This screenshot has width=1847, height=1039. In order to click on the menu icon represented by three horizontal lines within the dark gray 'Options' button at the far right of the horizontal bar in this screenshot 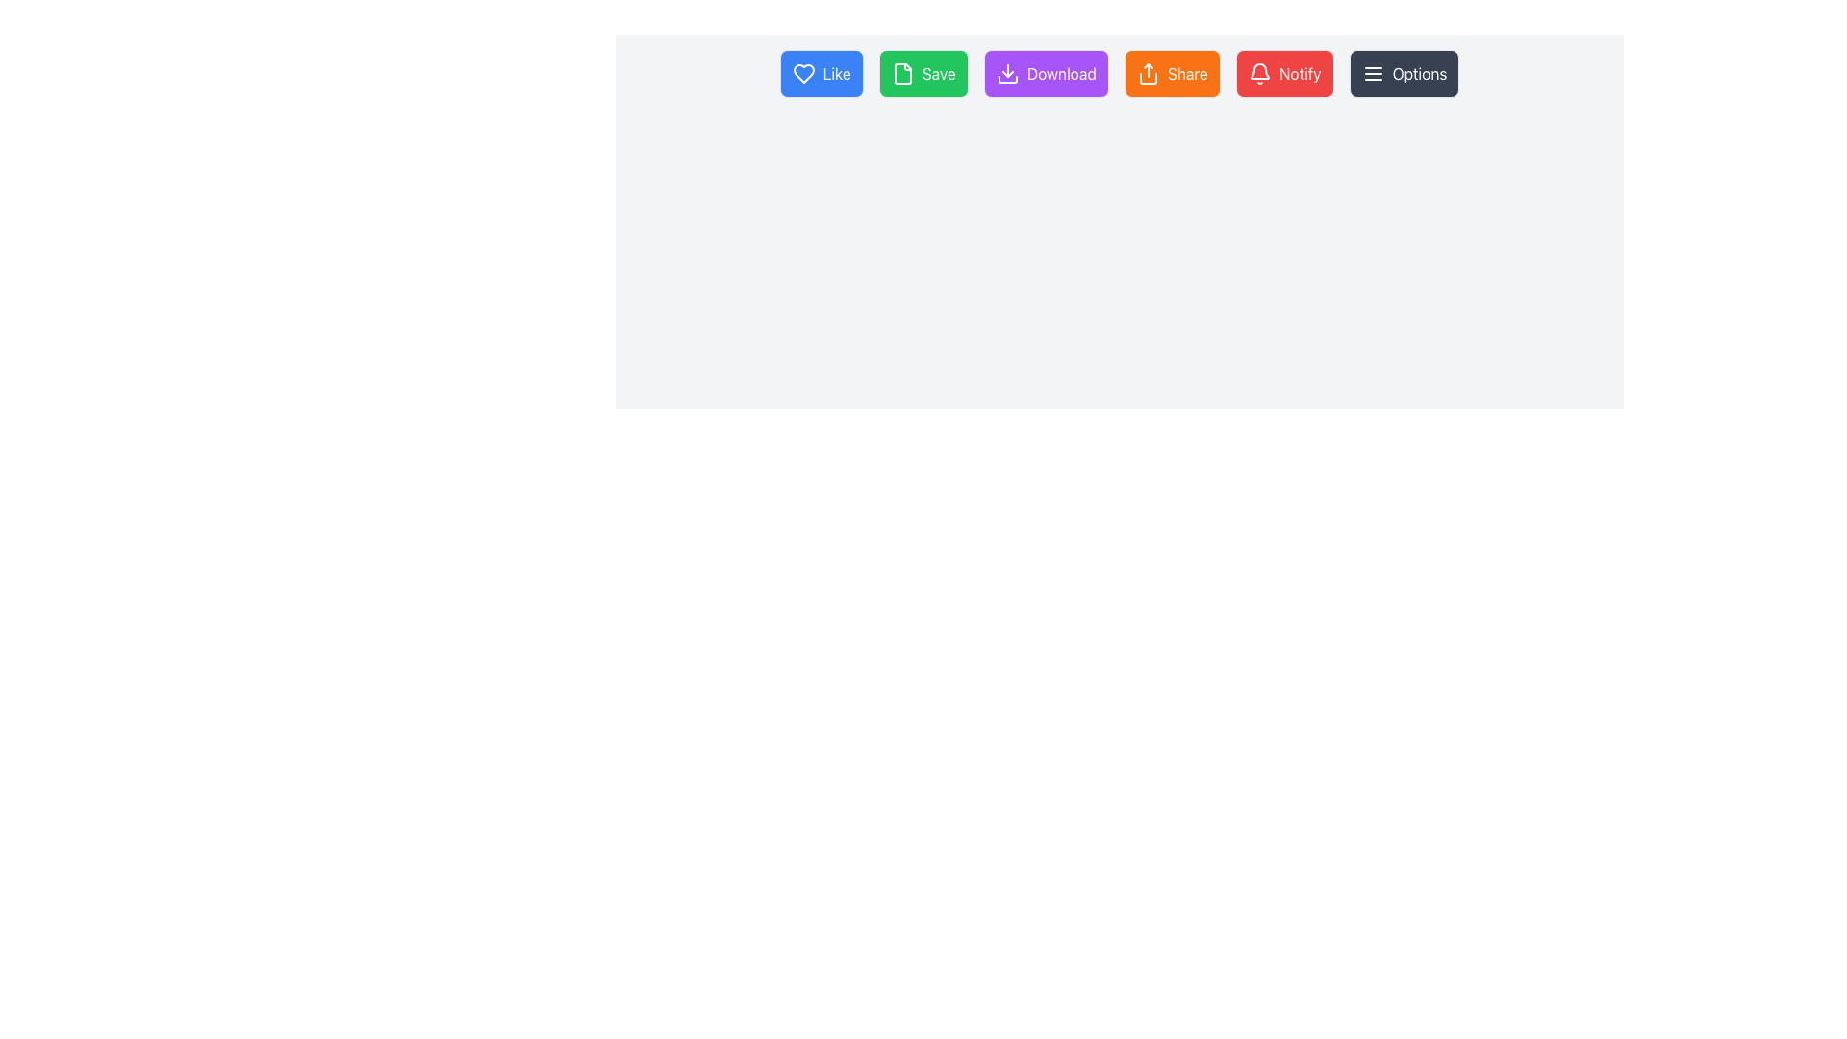, I will do `click(1372, 73)`.